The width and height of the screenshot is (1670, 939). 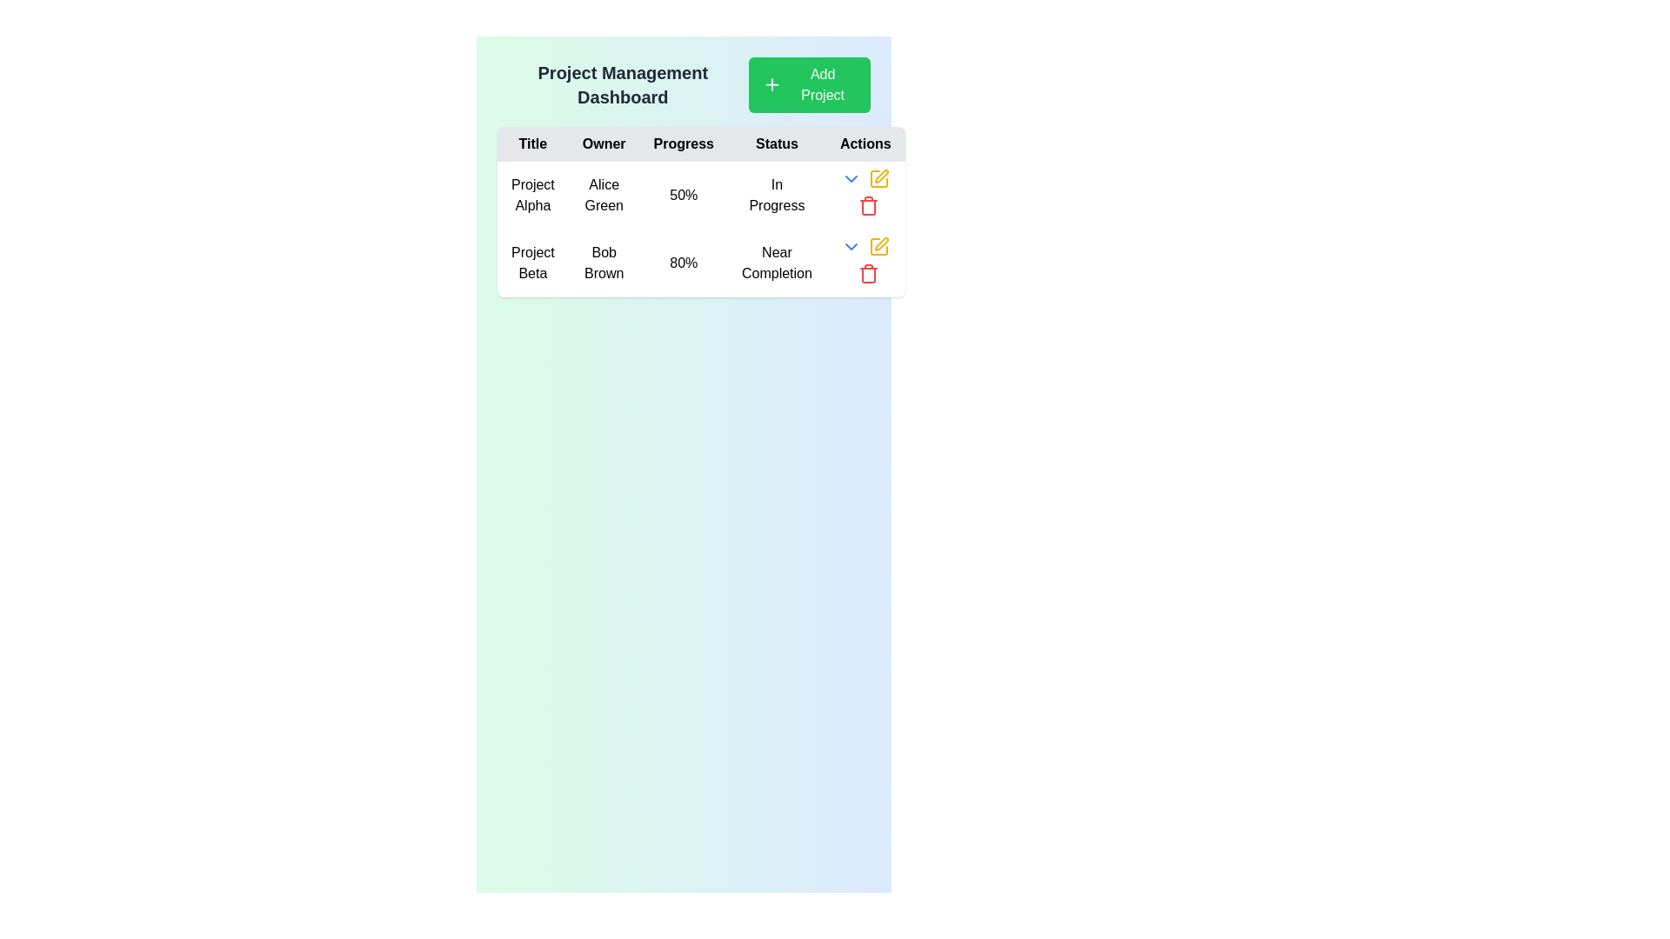 What do you see at coordinates (879, 247) in the screenshot?
I see `the 'Edit' icon located in the second row of the table under the 'Actions' column` at bounding box center [879, 247].